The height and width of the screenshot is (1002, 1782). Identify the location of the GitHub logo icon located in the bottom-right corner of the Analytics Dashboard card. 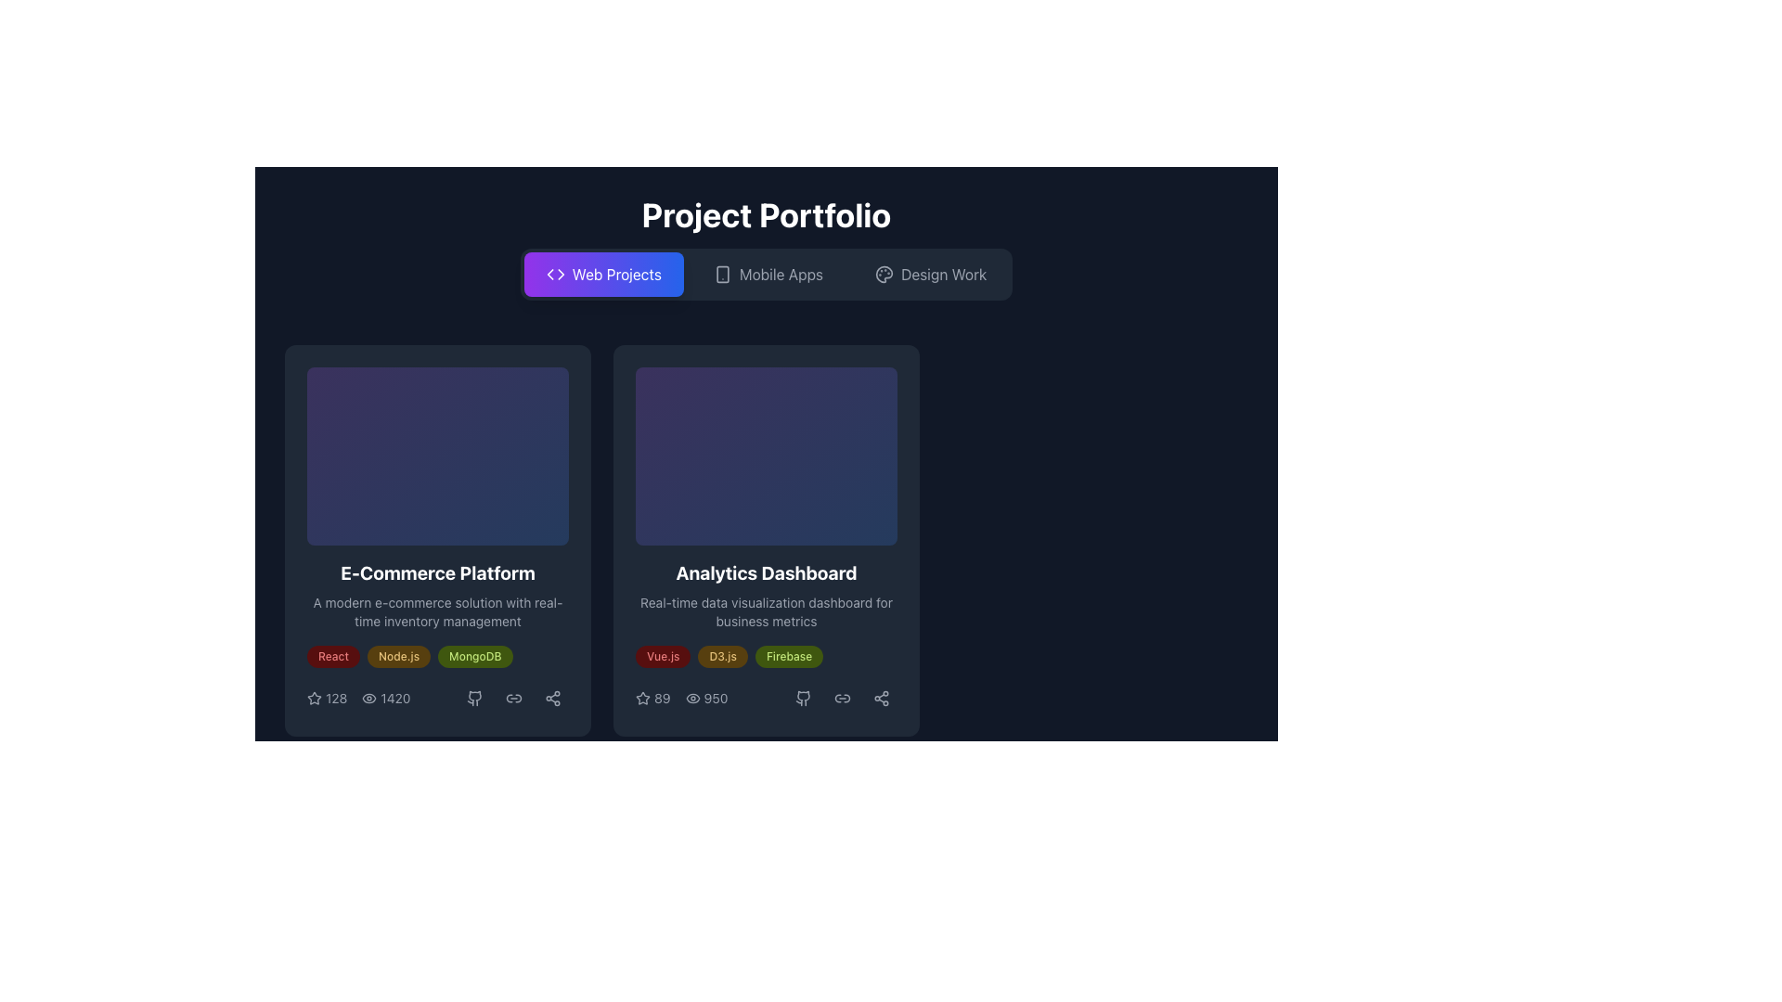
(803, 698).